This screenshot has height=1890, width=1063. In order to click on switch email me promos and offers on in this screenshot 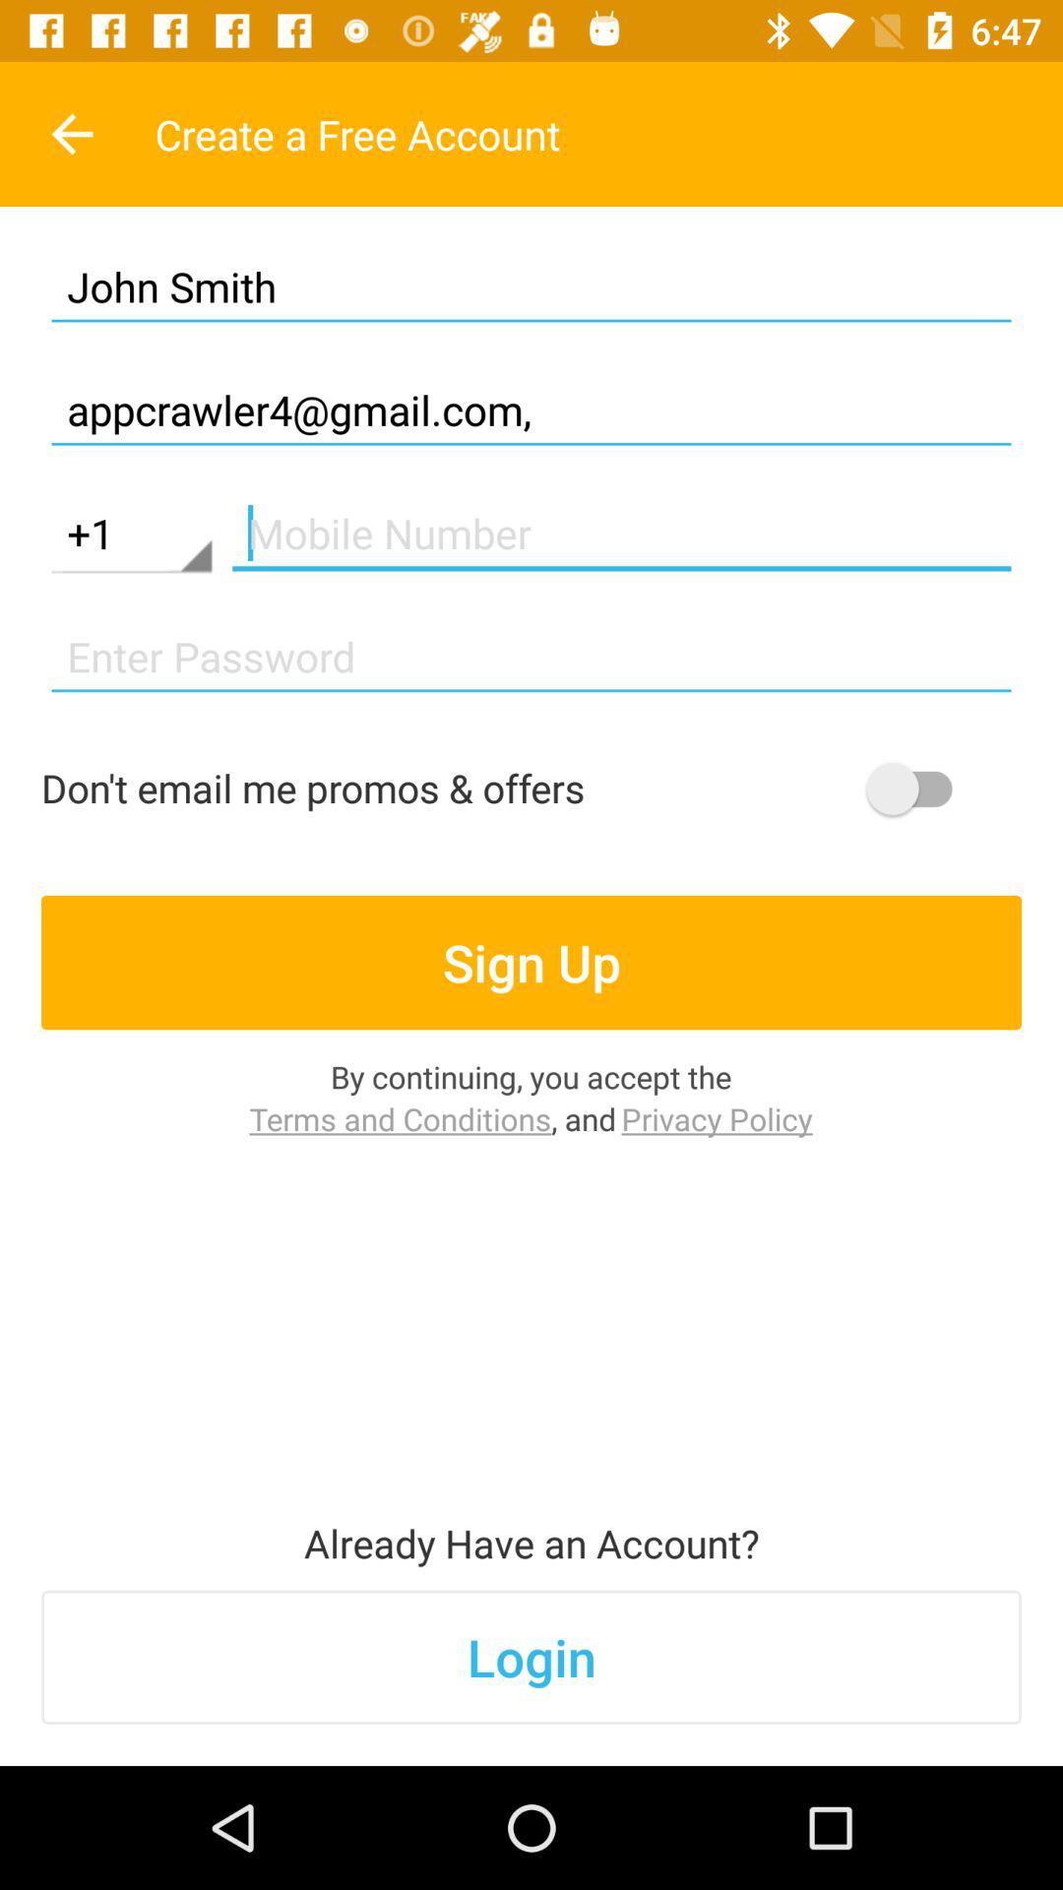, I will do `click(918, 788)`.